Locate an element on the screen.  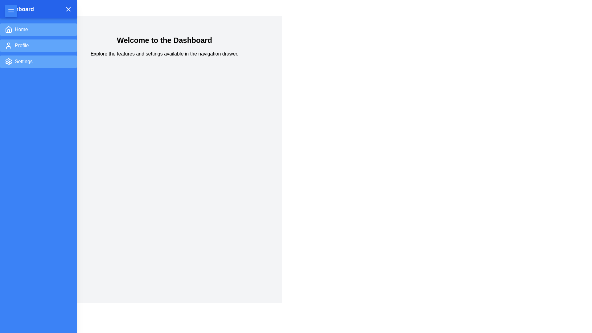
the stylized house icon is located at coordinates (9, 29).